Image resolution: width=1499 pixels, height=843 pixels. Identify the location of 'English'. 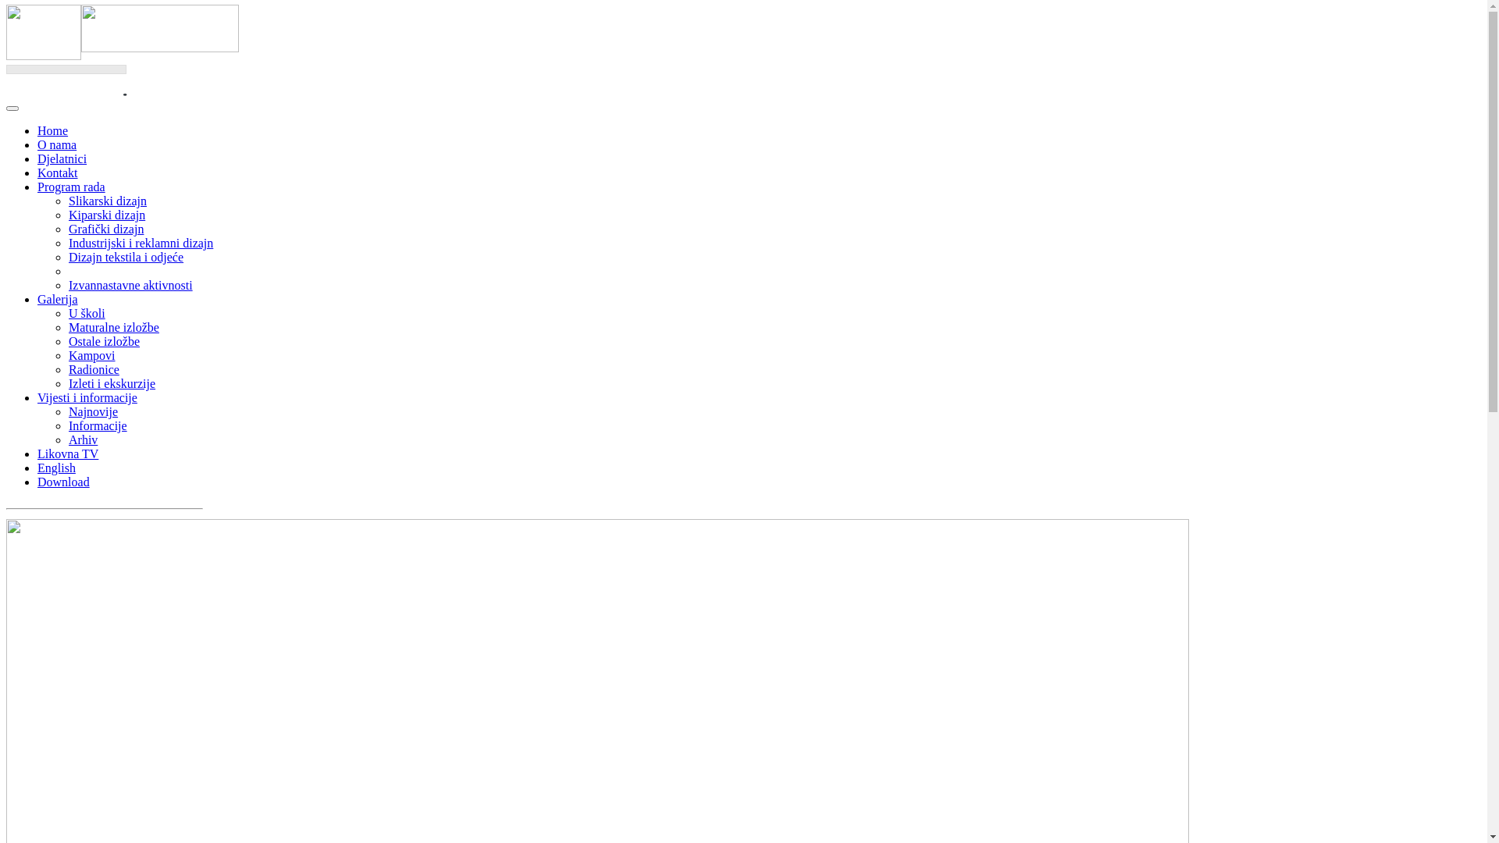
(56, 467).